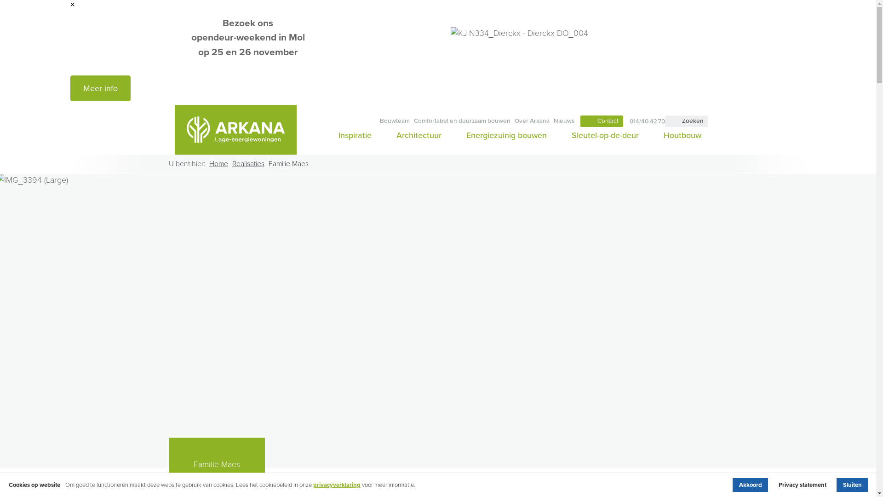  I want to click on 'Inspiratie', so click(354, 135).